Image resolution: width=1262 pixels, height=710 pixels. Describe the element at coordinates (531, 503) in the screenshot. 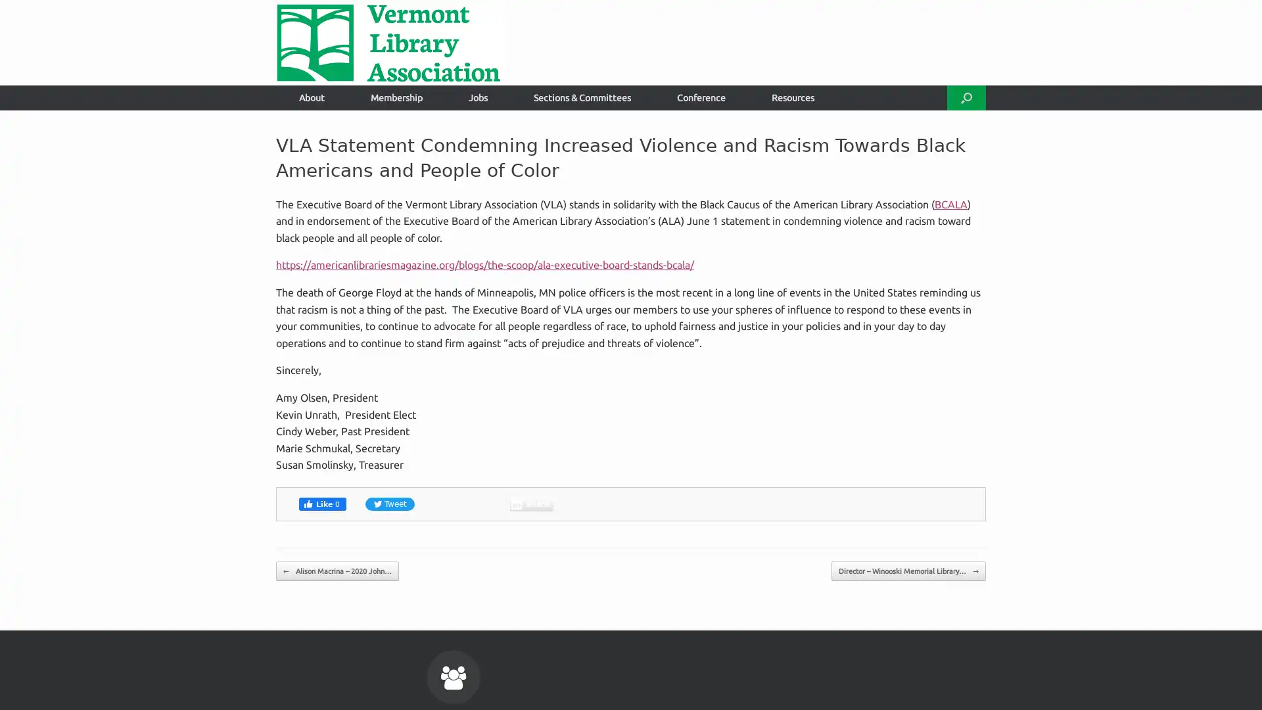

I see `Share` at that location.